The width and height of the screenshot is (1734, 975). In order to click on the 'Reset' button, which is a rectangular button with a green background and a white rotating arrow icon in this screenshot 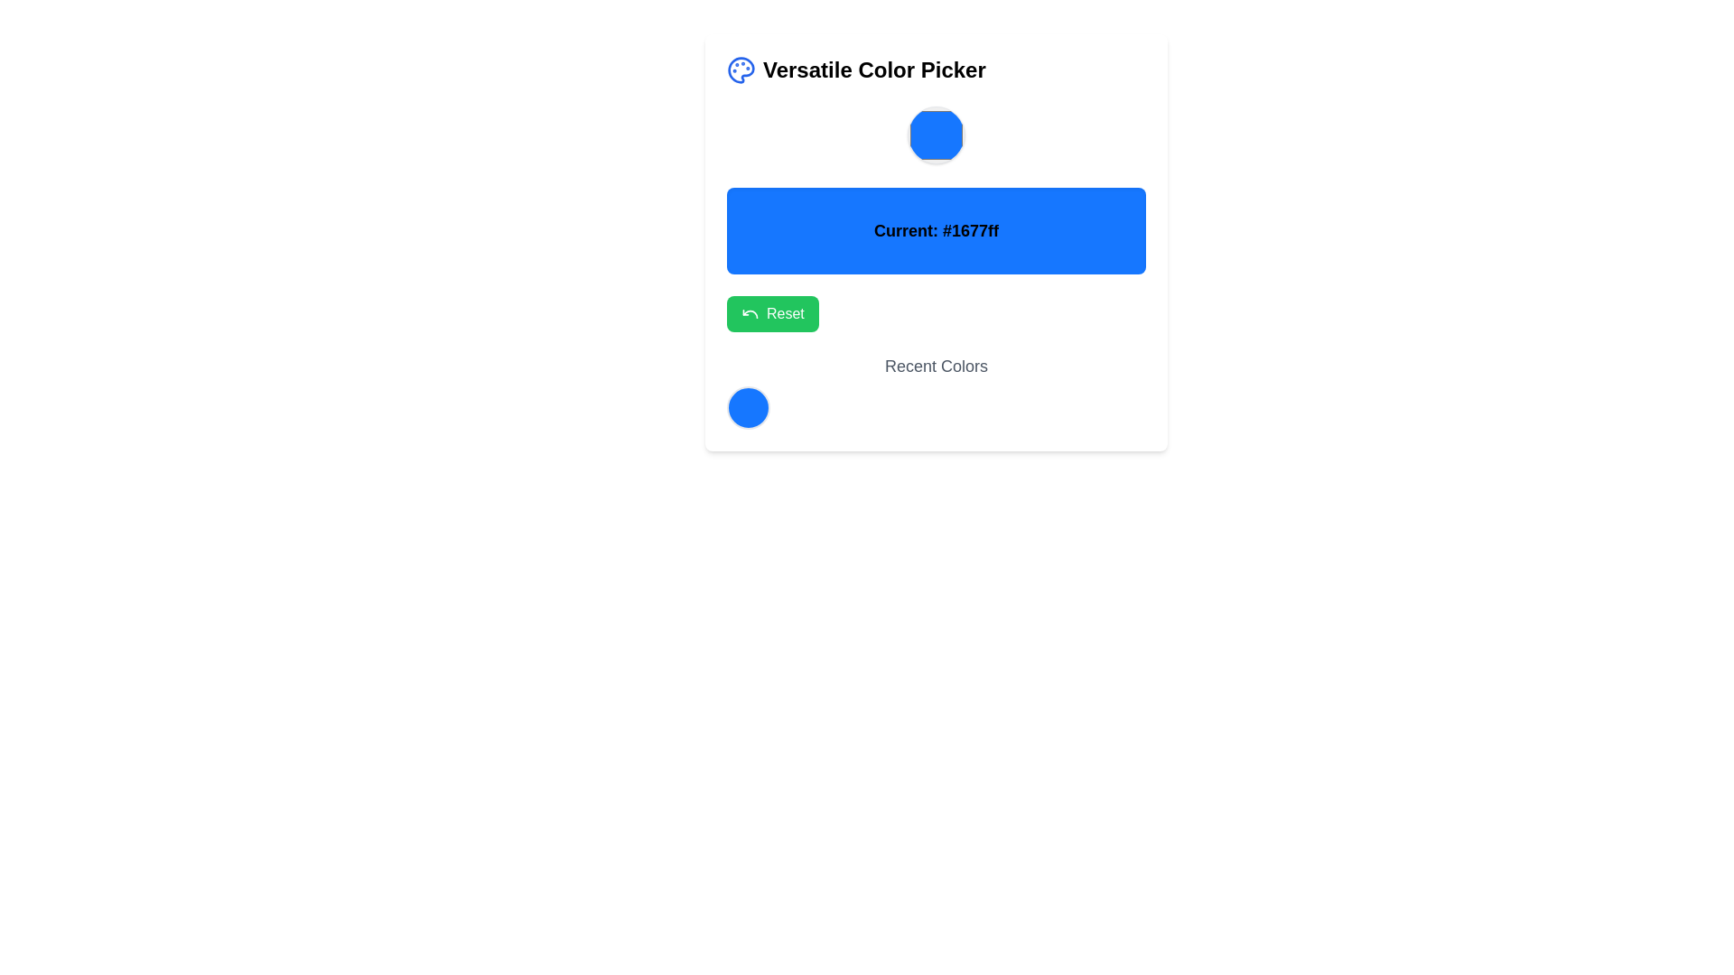, I will do `click(772, 312)`.